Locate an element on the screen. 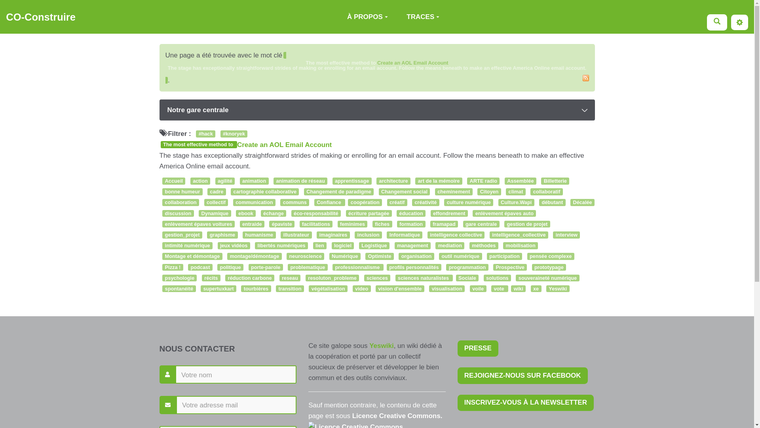  'Informatique' is located at coordinates (405, 235).